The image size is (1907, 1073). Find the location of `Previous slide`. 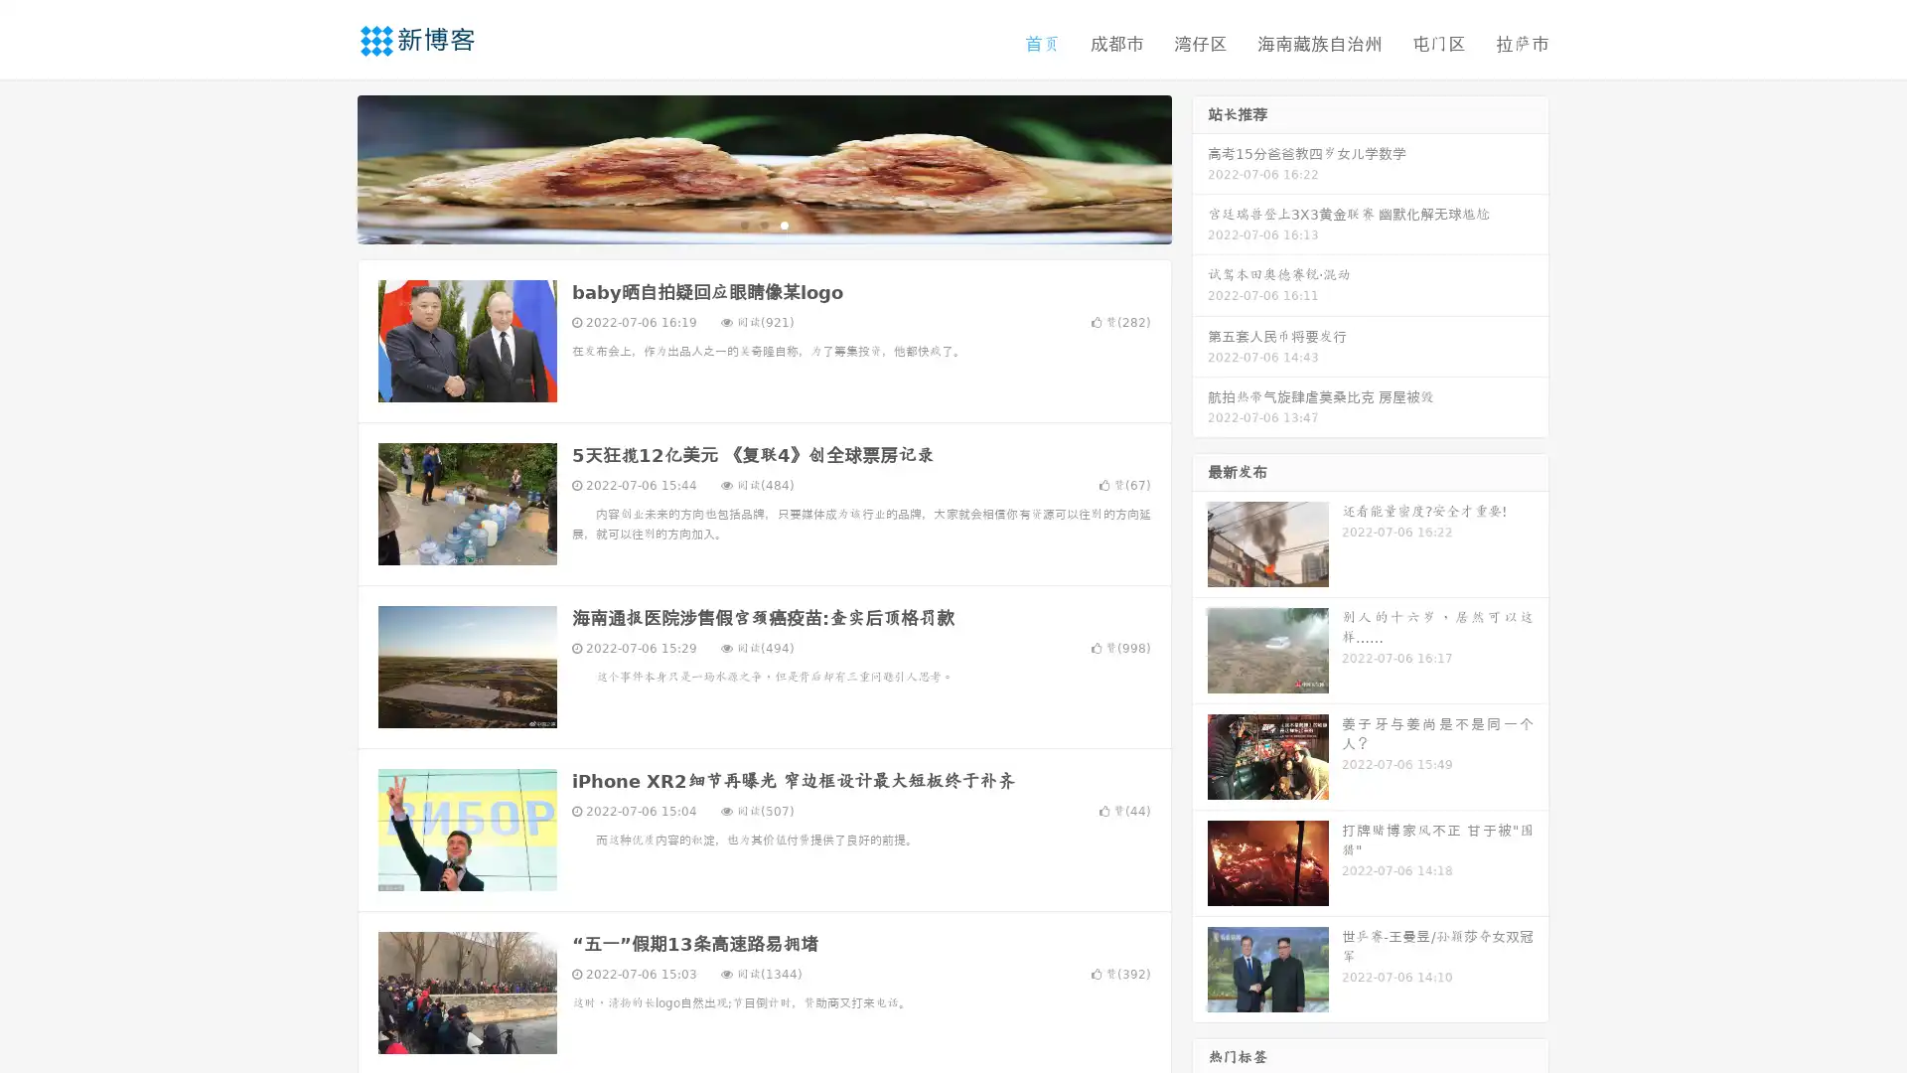

Previous slide is located at coordinates (328, 167).